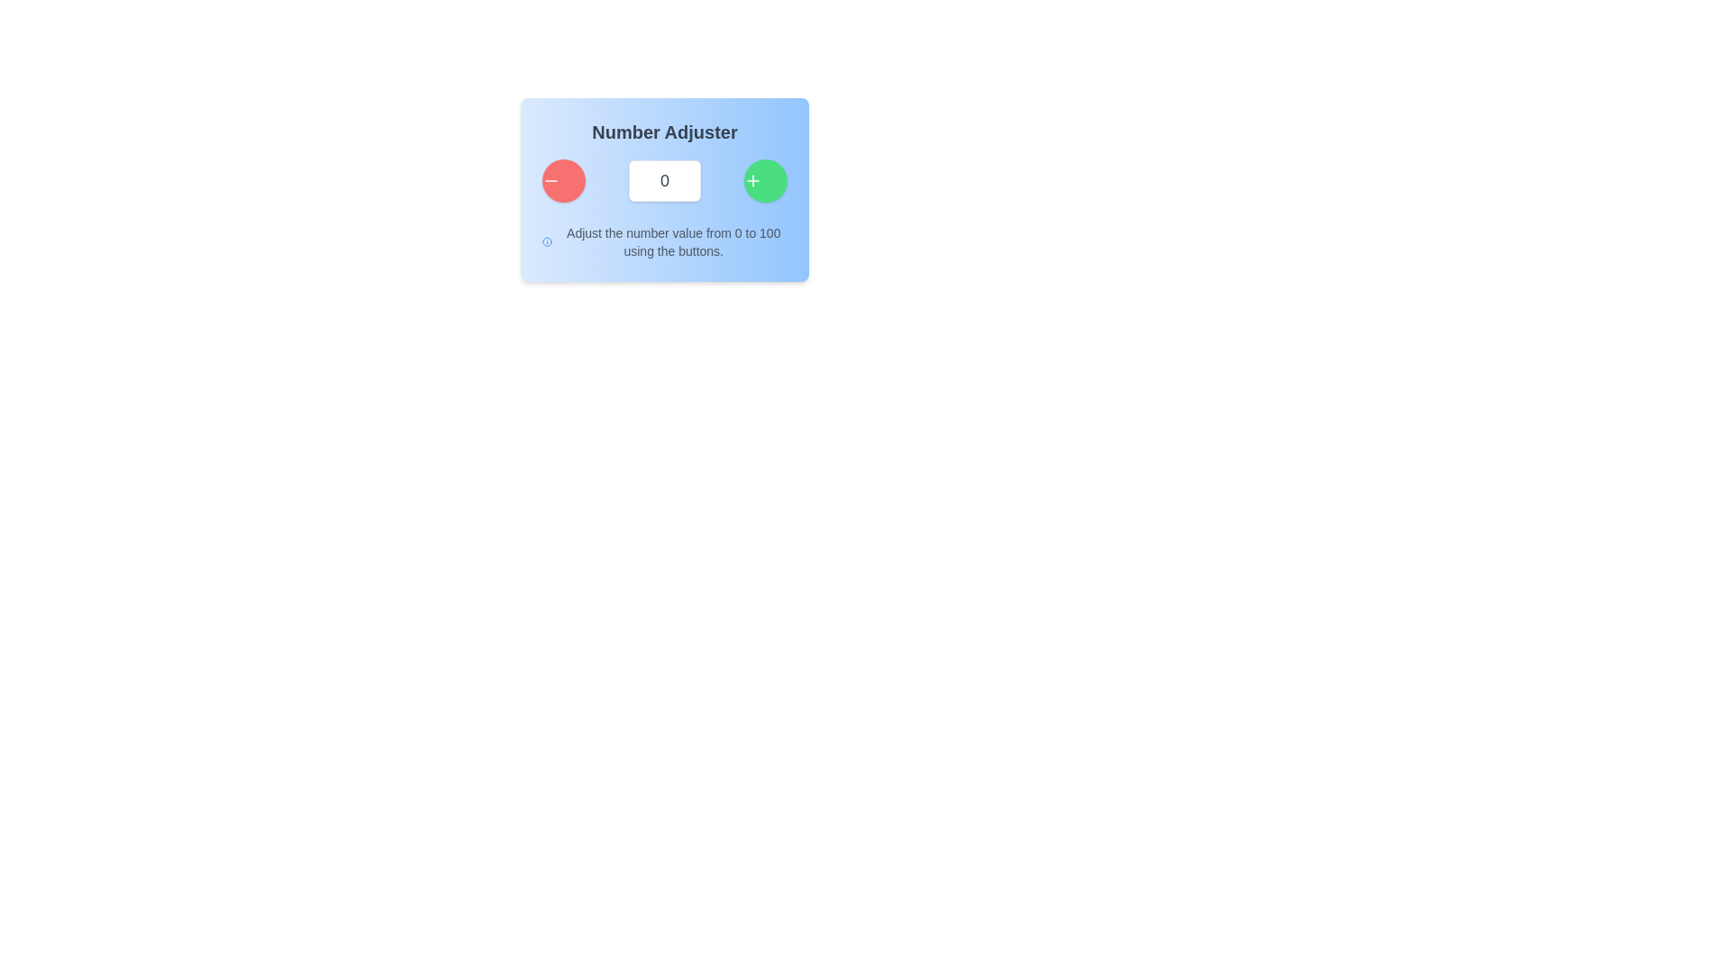 The width and height of the screenshot is (1730, 973). I want to click on the blue circular SVG graphic element that represents information, located in the bottom left corner of the 'Number Adjuster' interface, so click(546, 241).